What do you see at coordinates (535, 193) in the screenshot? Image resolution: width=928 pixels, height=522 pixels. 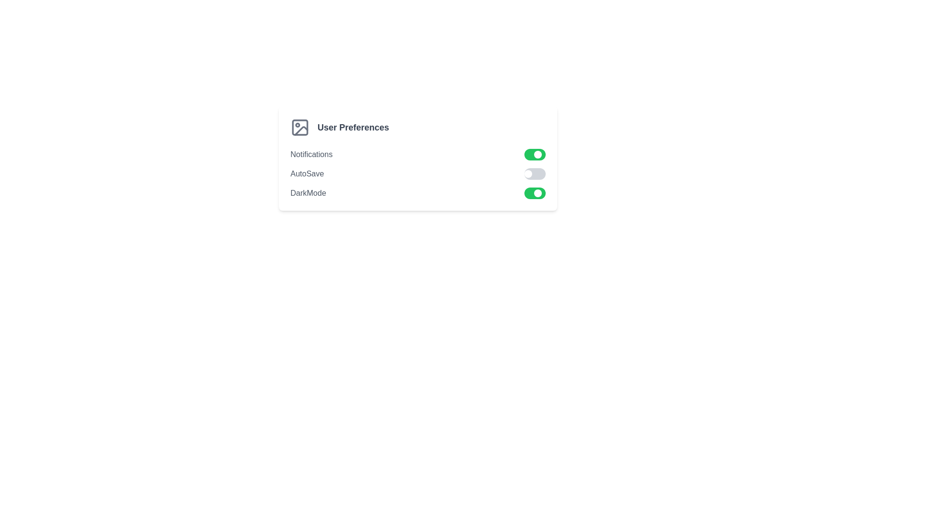 I see `the toggle switch for 'DarkMode', which is styled as a rounded rectangle with a green background and a small white circular handle` at bounding box center [535, 193].